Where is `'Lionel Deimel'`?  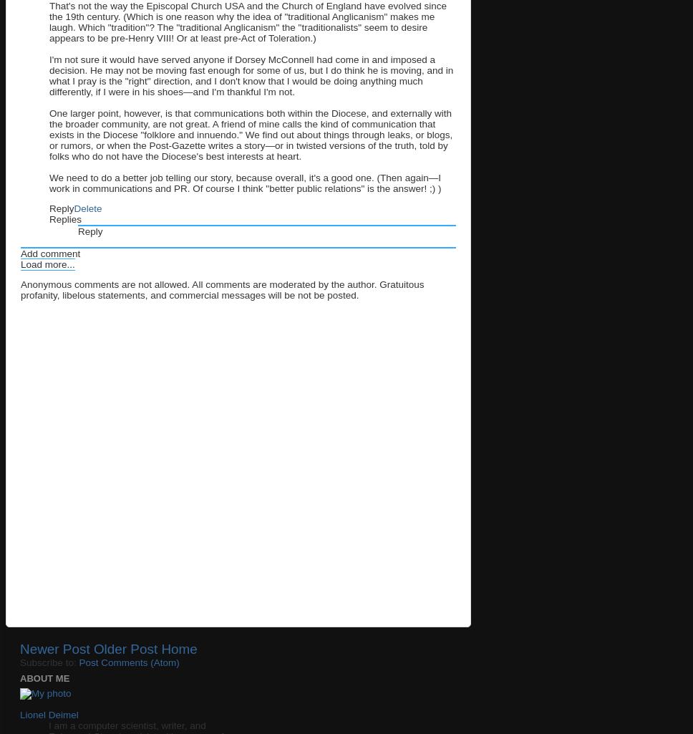 'Lionel Deimel' is located at coordinates (48, 713).